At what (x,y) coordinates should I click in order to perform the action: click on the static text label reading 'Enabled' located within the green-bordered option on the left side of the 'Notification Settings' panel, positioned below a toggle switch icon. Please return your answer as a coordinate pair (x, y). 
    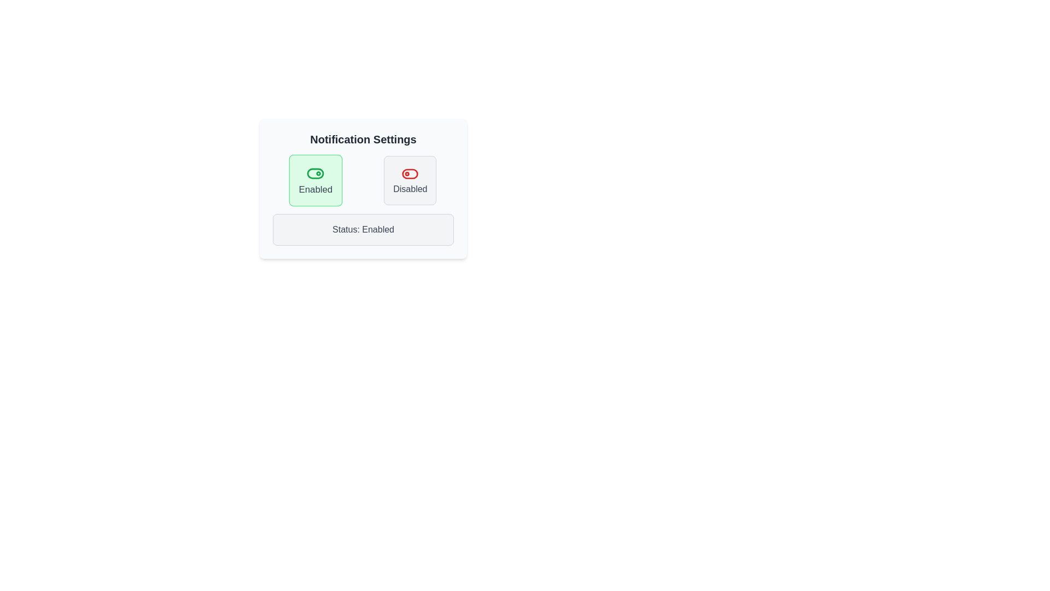
    Looking at the image, I should click on (314, 189).